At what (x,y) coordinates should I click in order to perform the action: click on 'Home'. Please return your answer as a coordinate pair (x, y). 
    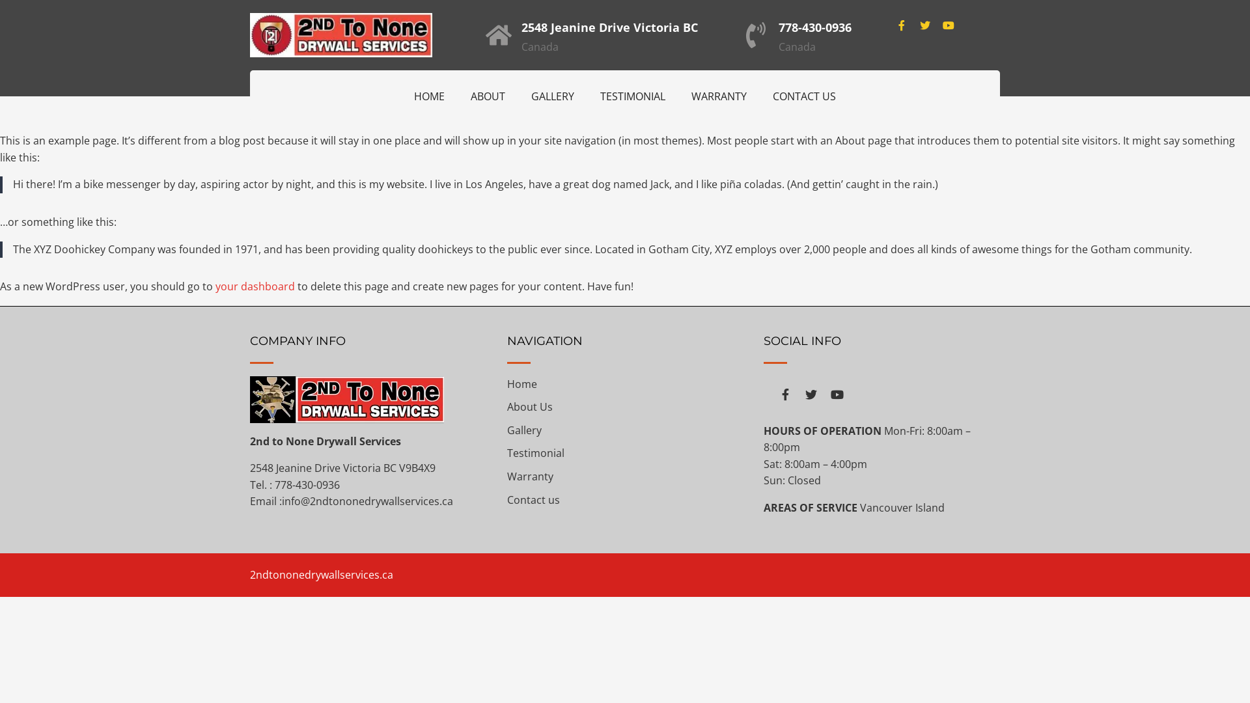
    Looking at the image, I should click on (506, 383).